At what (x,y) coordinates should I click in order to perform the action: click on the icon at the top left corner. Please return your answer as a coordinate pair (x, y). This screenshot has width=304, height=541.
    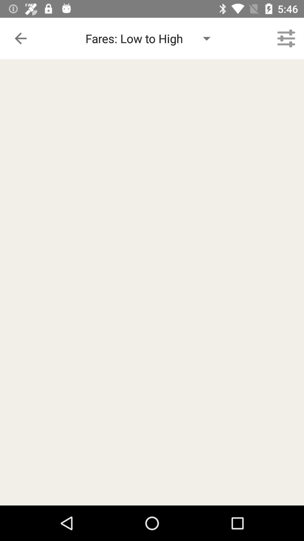
    Looking at the image, I should click on (20, 38).